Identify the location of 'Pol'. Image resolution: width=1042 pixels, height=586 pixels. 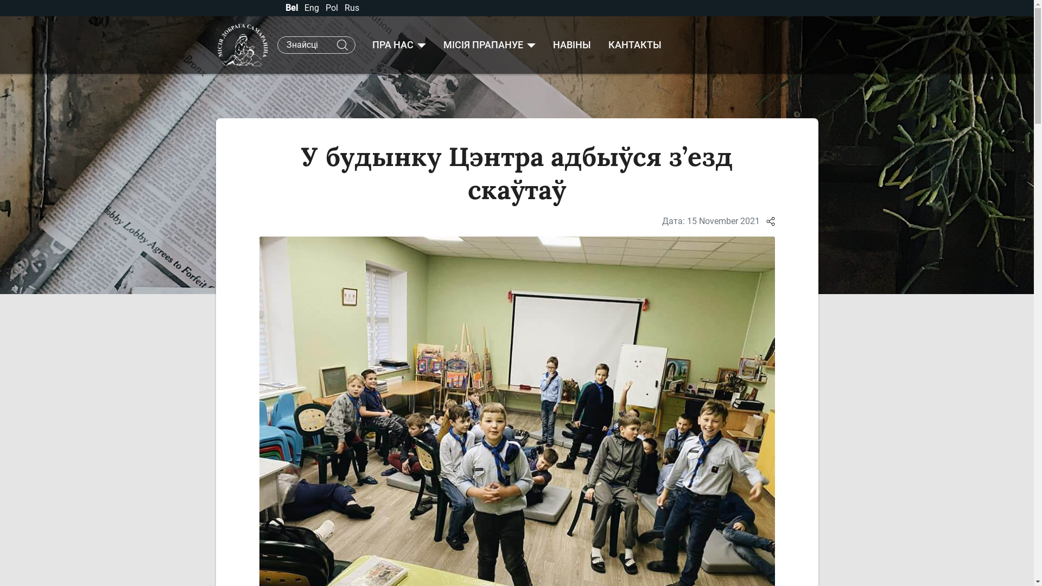
(325, 8).